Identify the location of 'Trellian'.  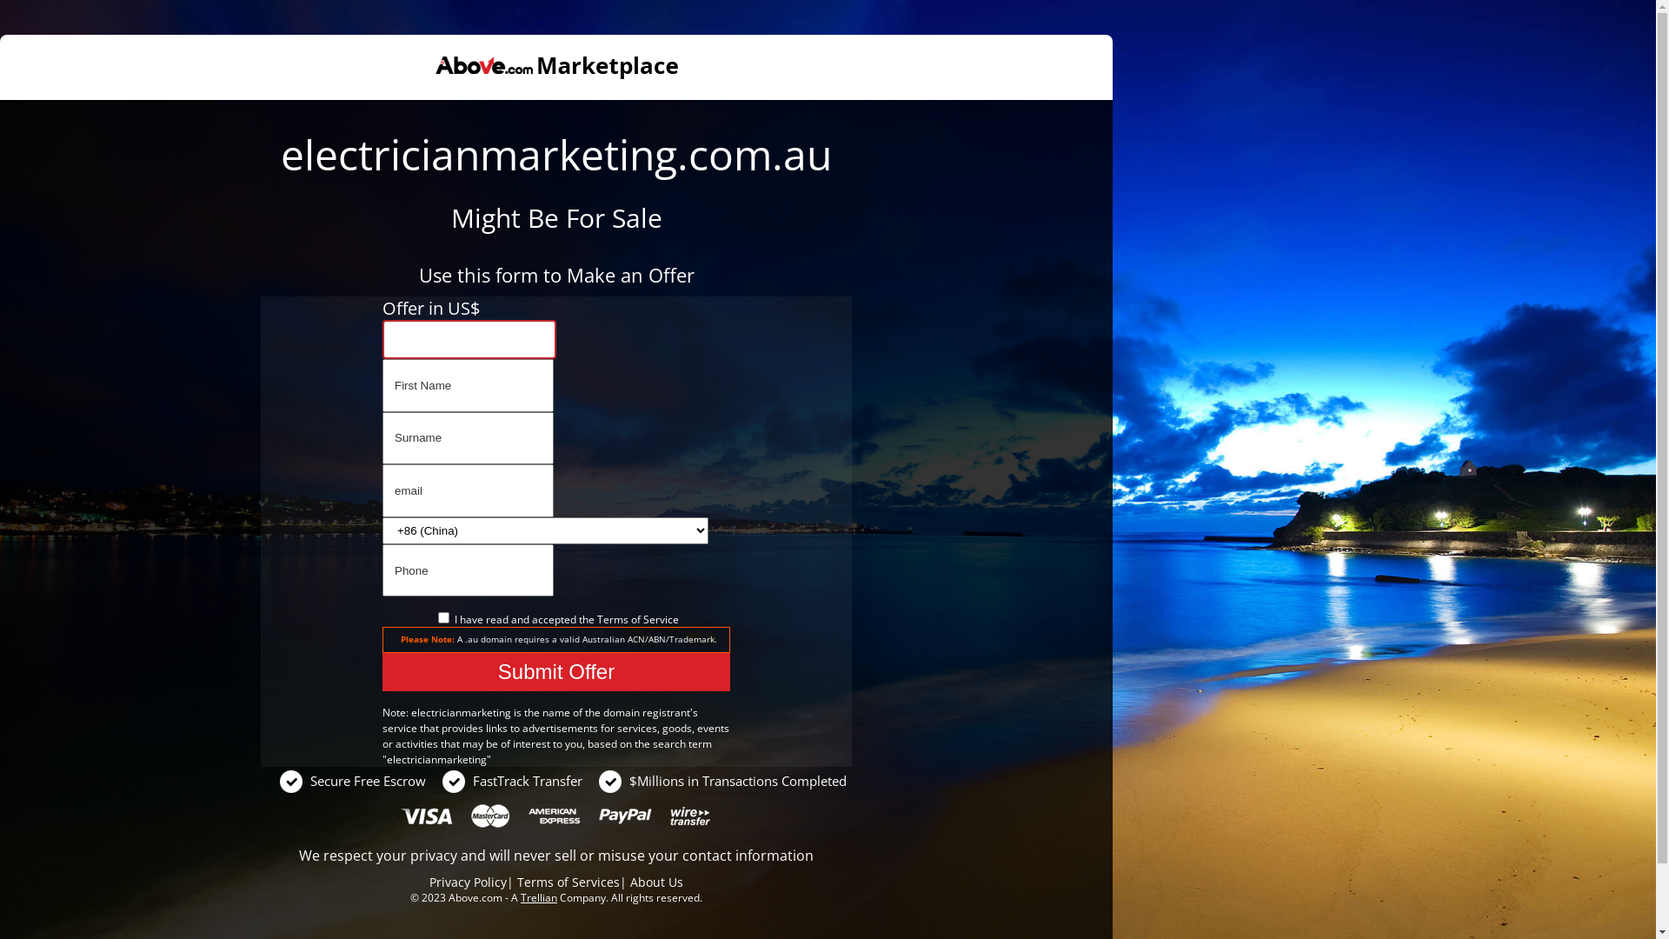
(537, 897).